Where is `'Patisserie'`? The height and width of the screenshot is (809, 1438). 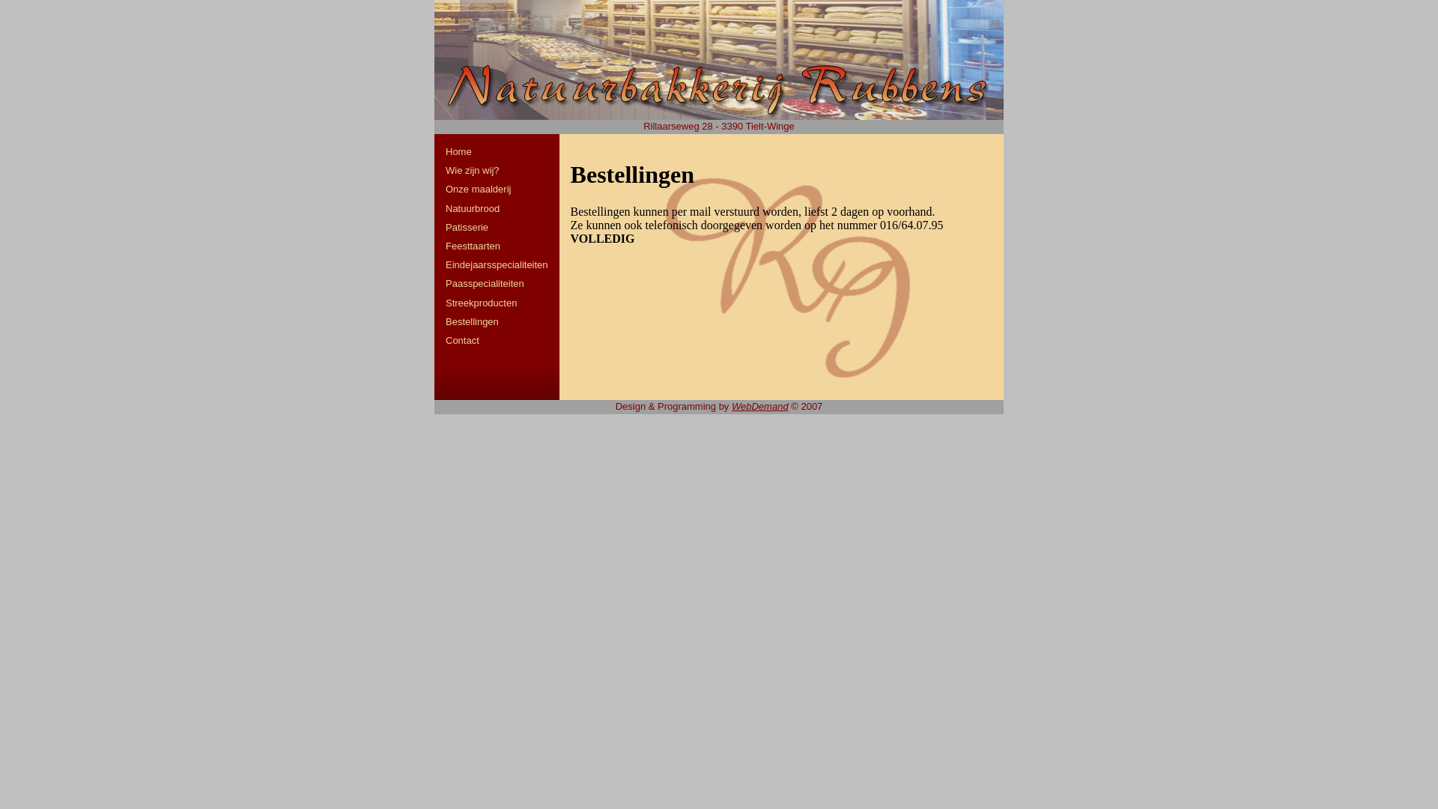
'Patisserie' is located at coordinates (445, 227).